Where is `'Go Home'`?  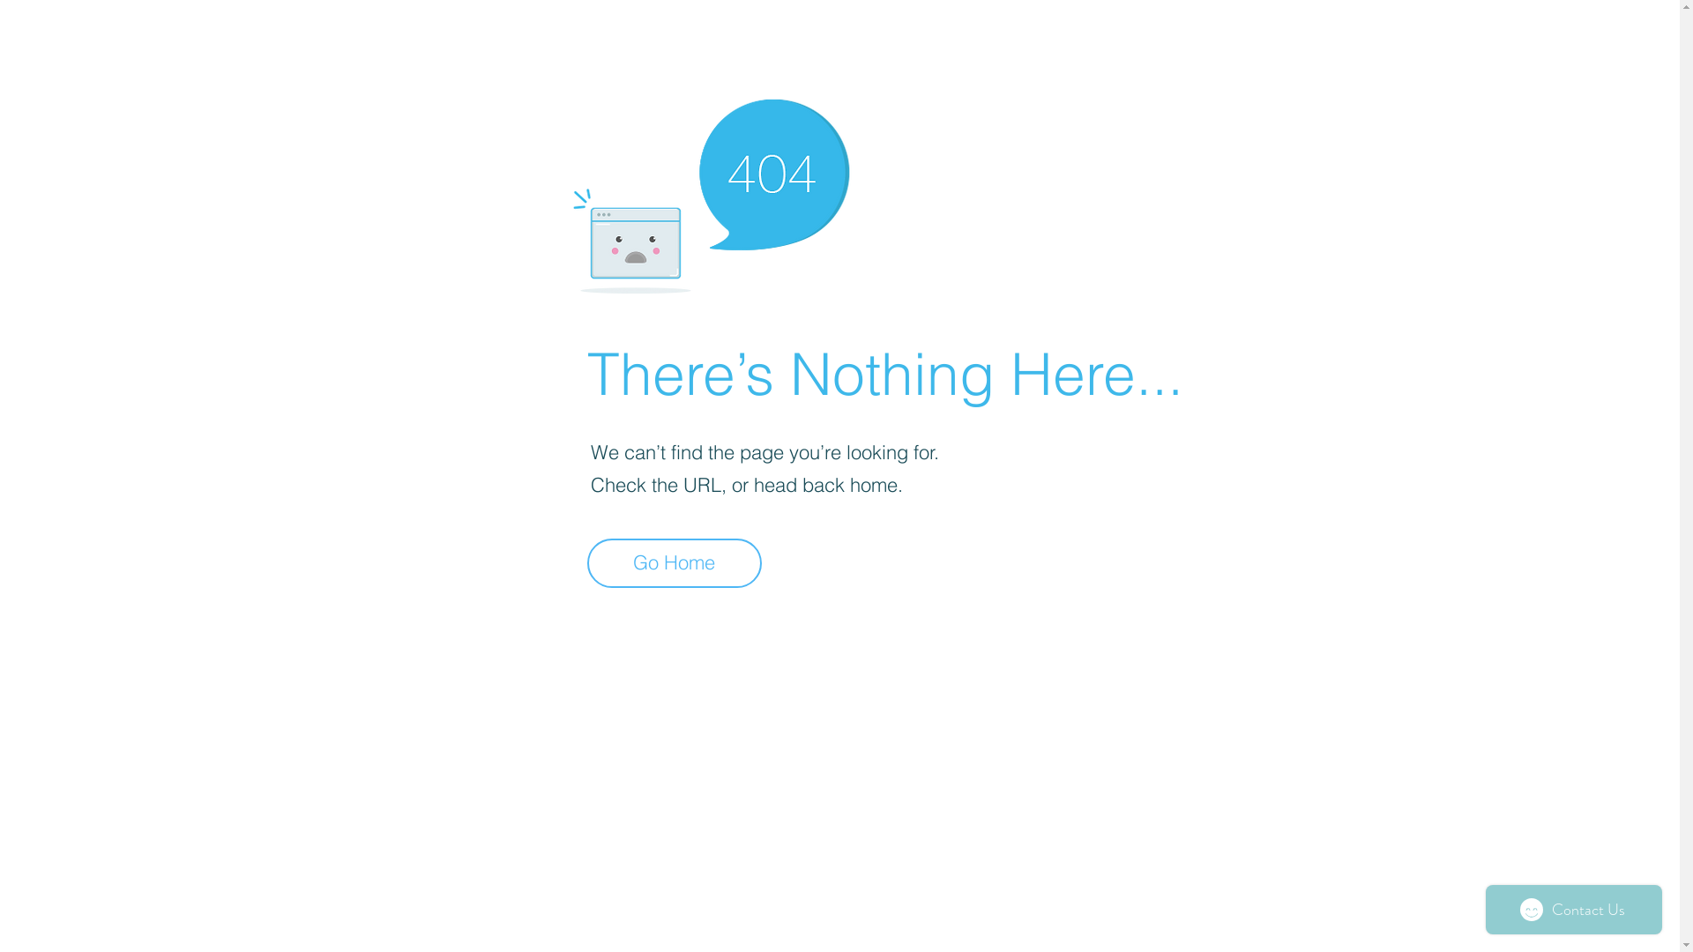 'Go Home' is located at coordinates (587, 563).